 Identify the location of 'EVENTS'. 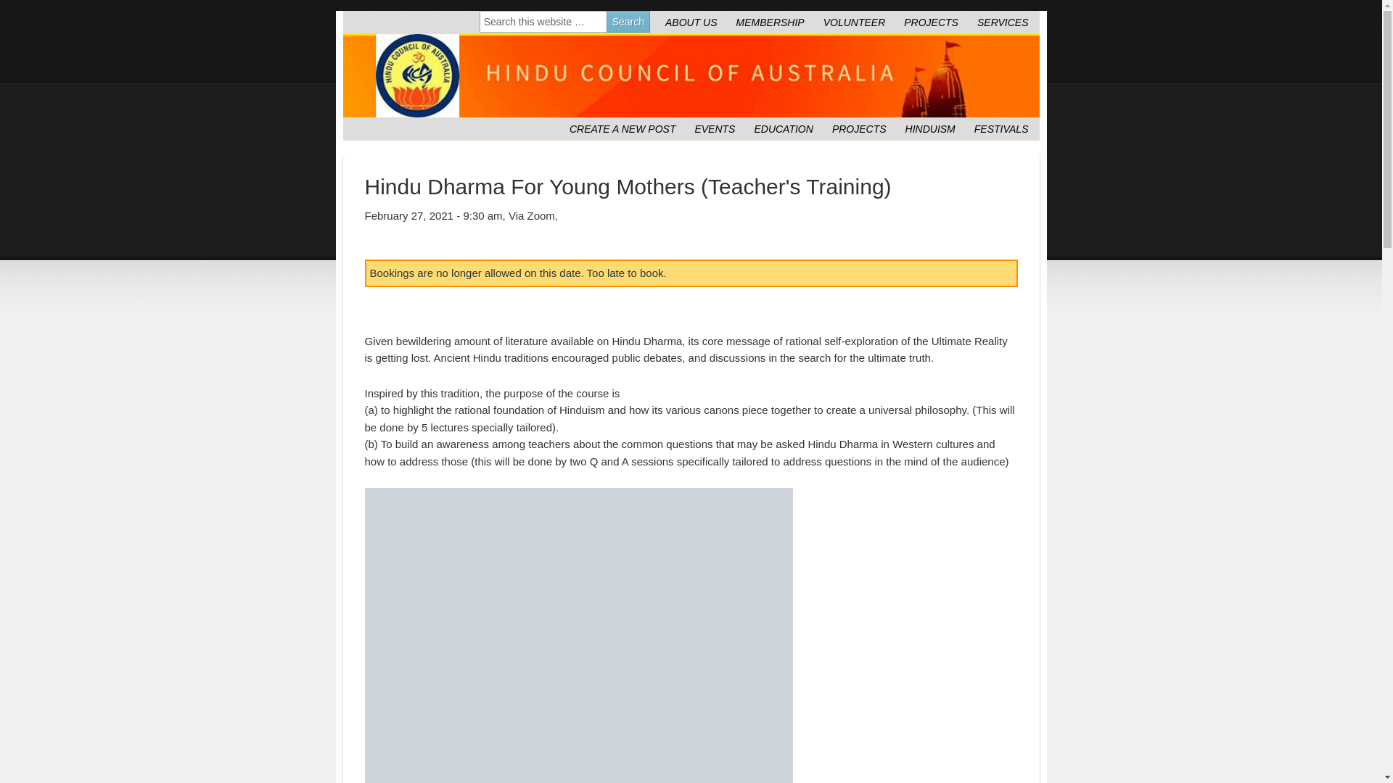
(714, 128).